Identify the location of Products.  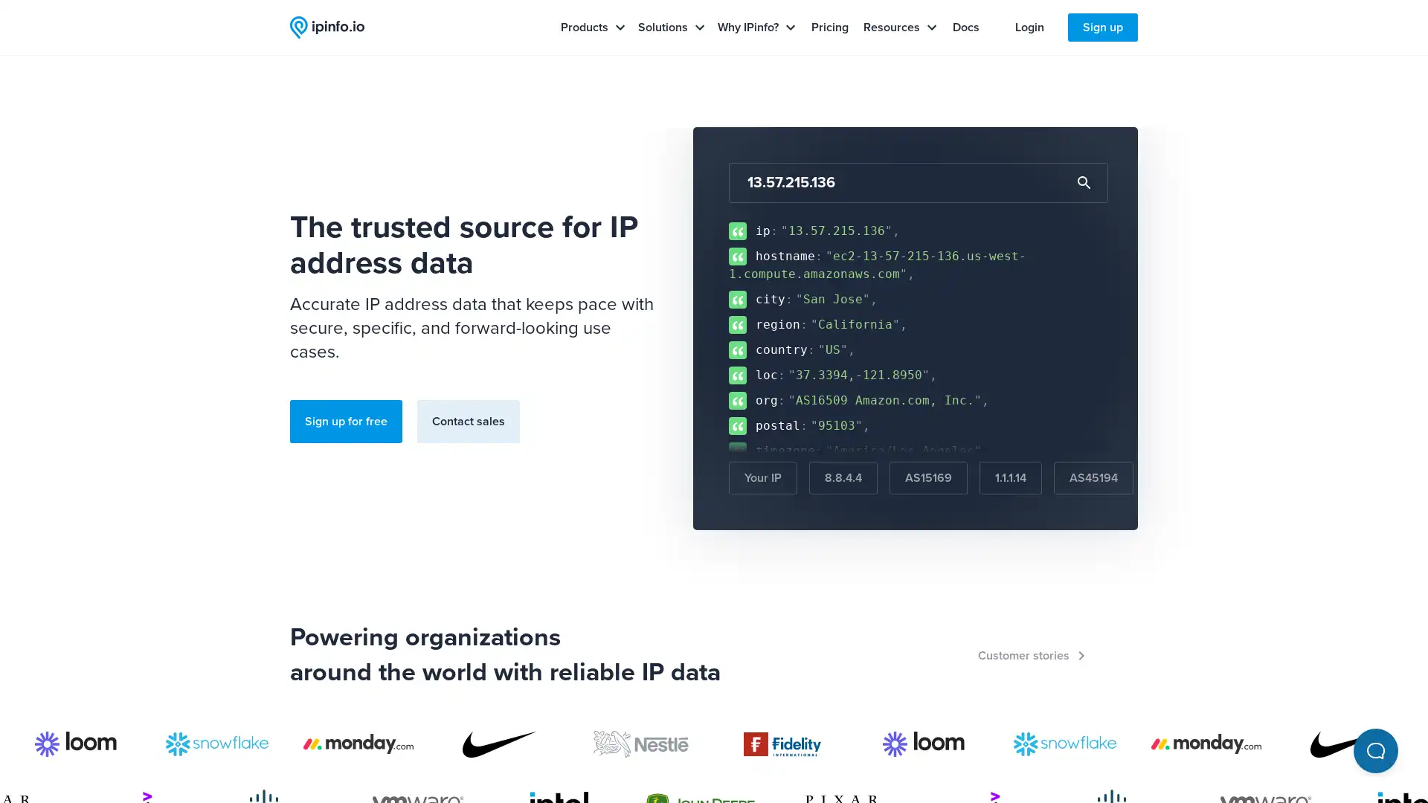
(592, 28).